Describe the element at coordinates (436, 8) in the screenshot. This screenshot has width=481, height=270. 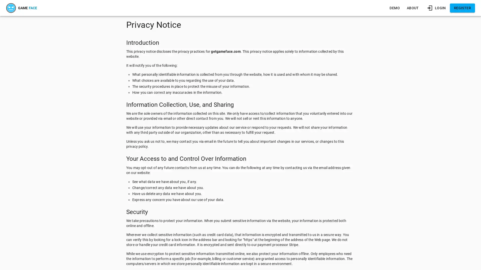
I see `LOGIN` at that location.